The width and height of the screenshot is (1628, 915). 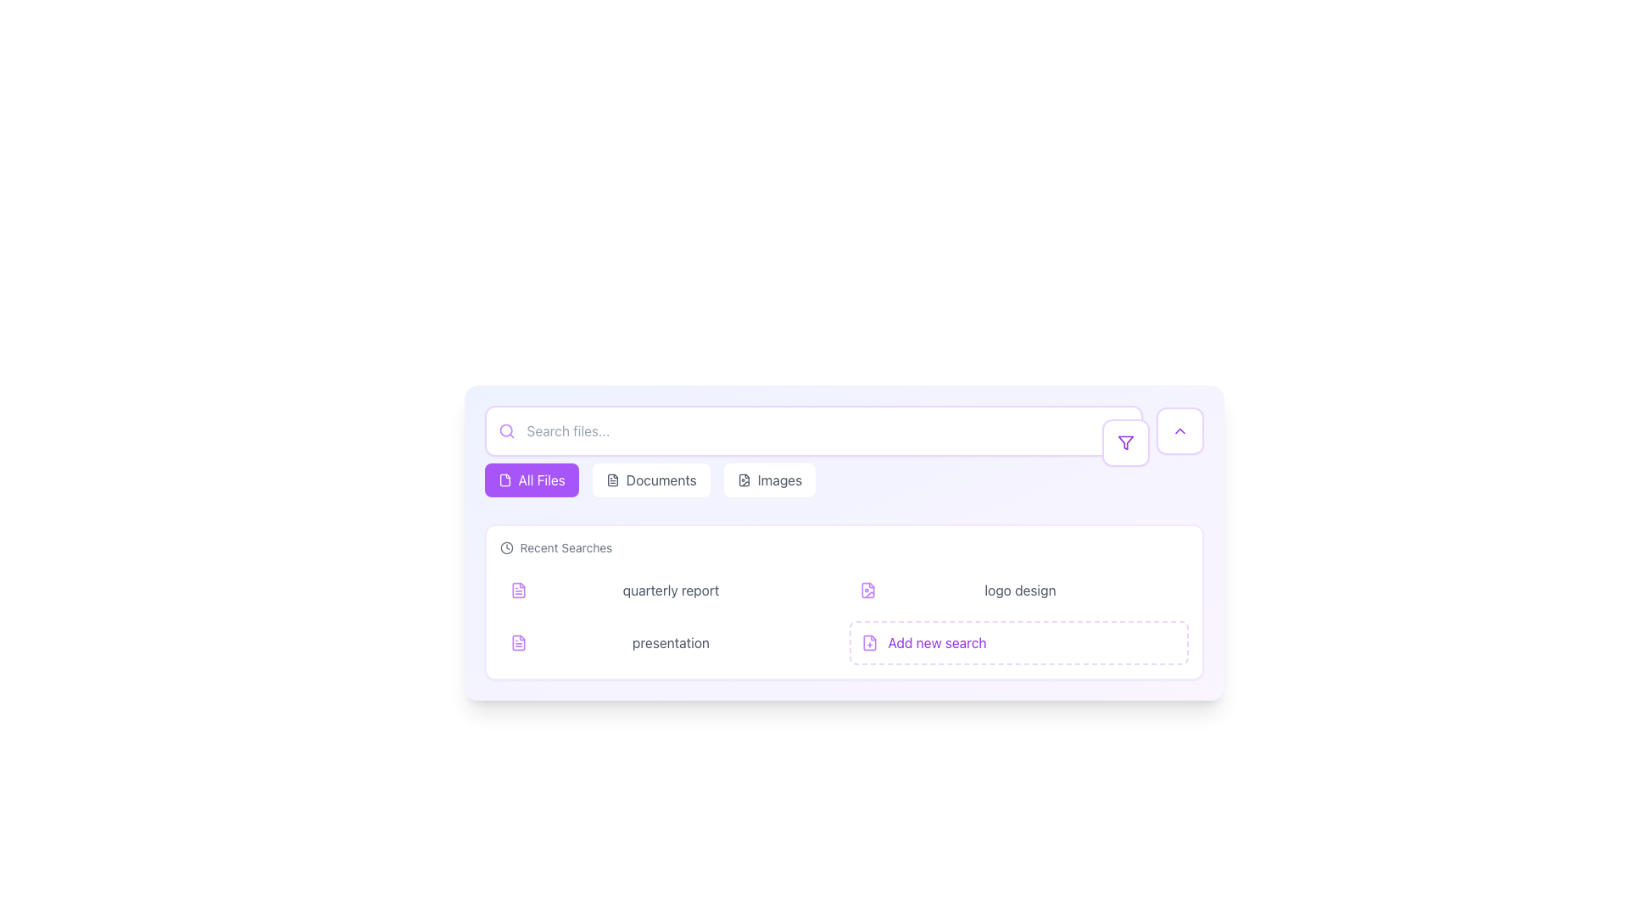 What do you see at coordinates (936, 643) in the screenshot?
I see `the text label reading 'Add new search'` at bounding box center [936, 643].